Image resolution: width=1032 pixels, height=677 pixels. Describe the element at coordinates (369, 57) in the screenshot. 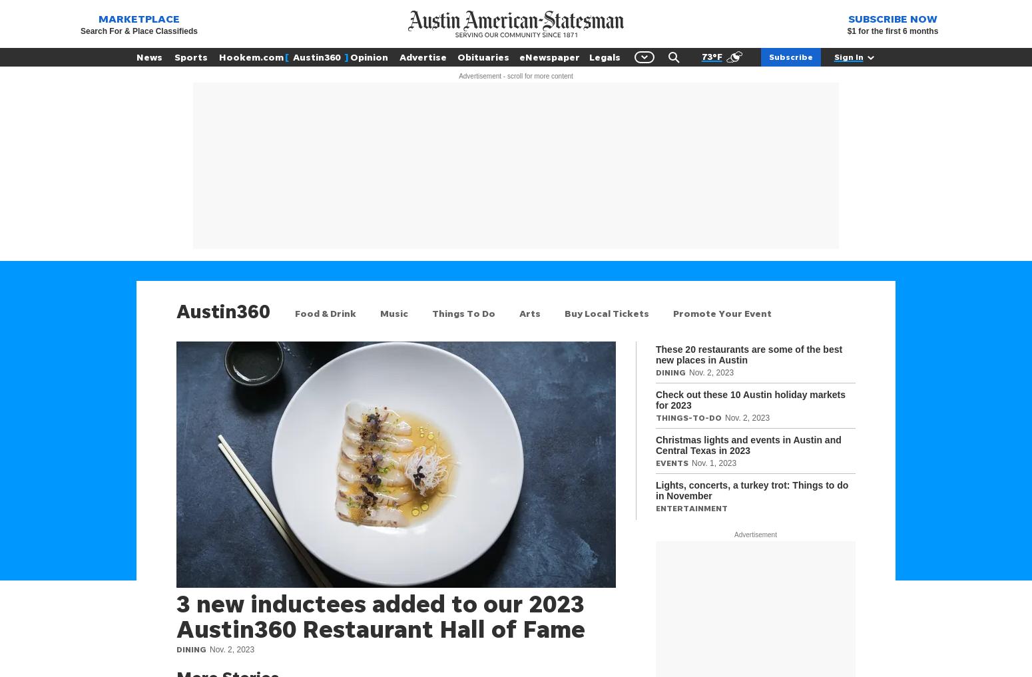

I see `'Opinion'` at that location.